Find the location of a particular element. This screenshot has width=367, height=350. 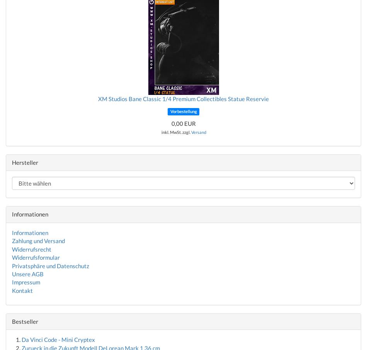

'Privatsphäre und Datenschutz' is located at coordinates (51, 265).